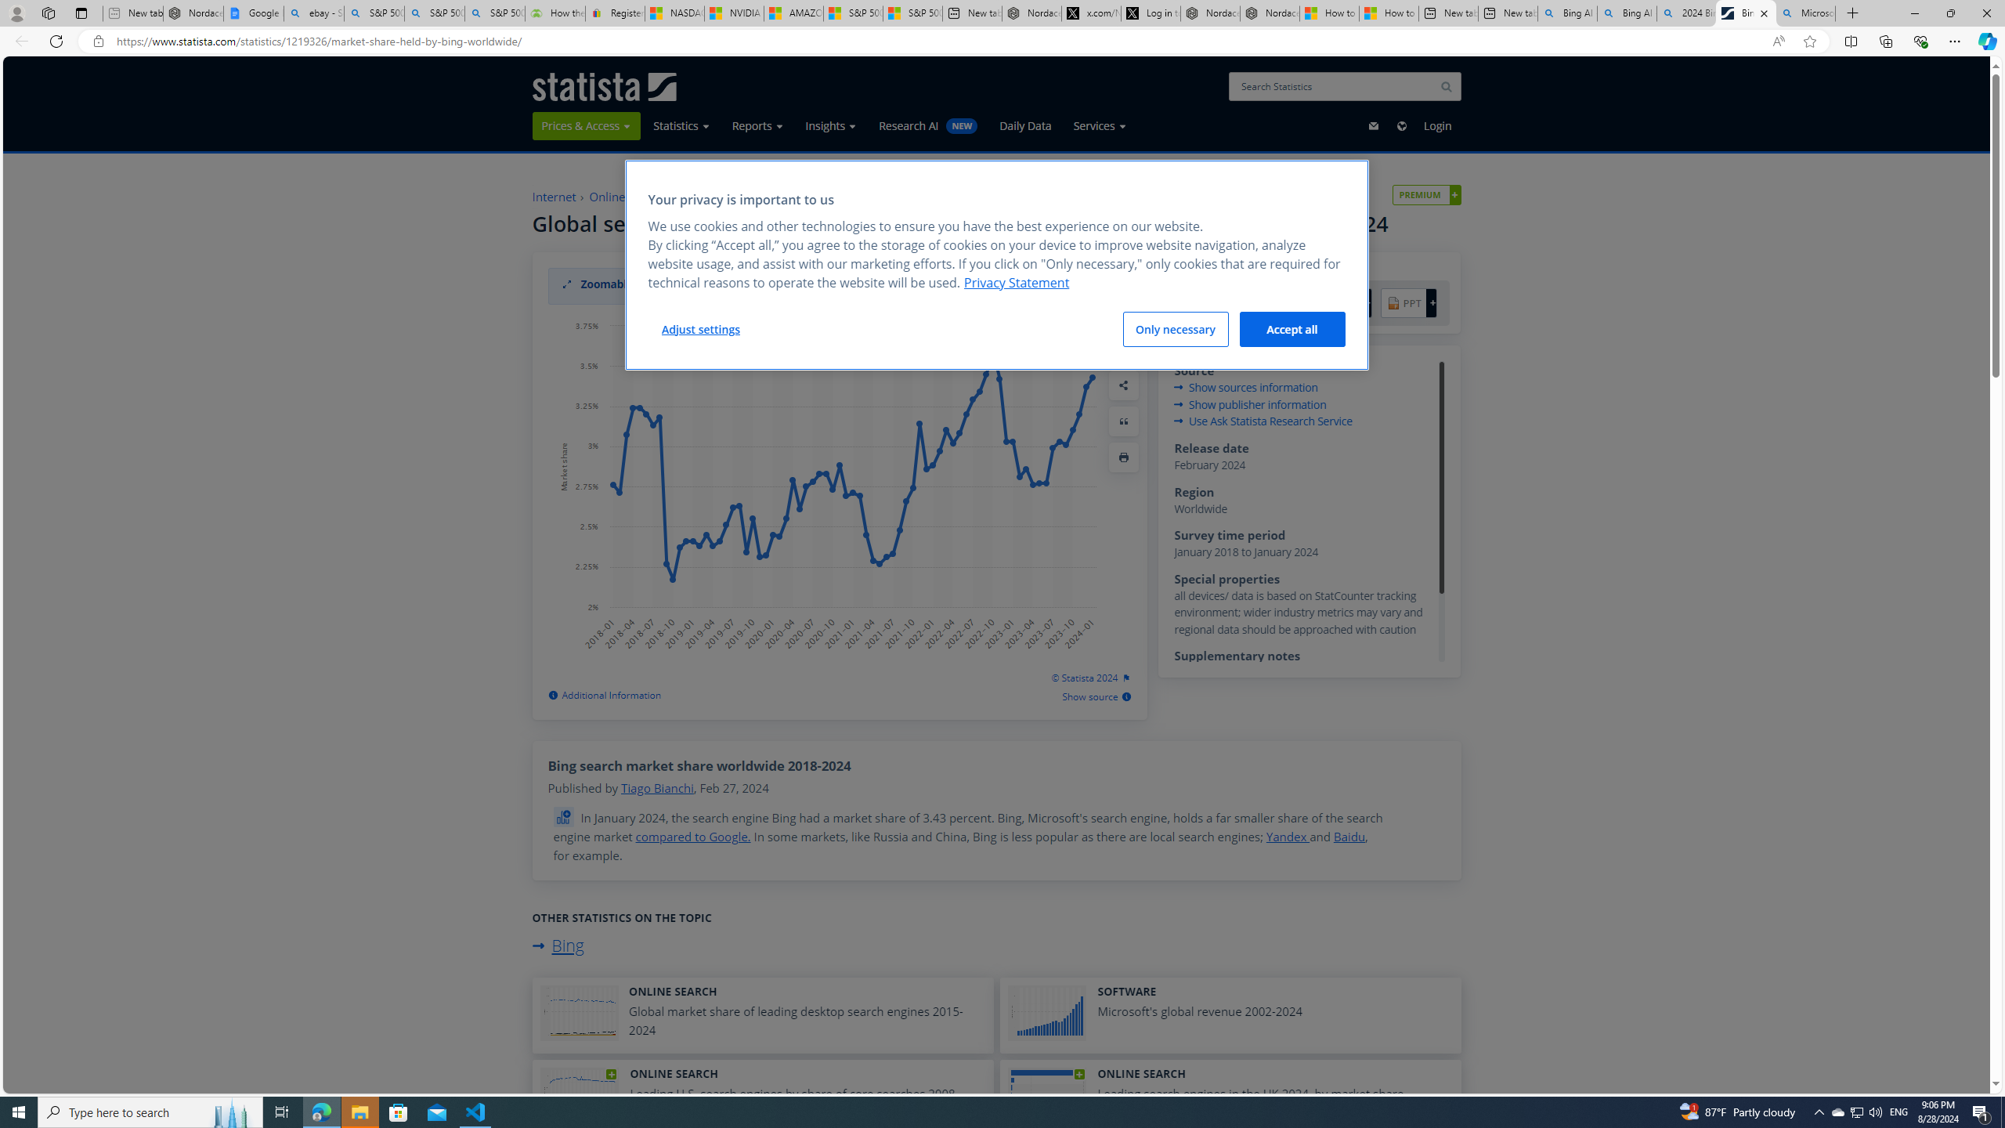 The width and height of the screenshot is (2005, 1128). I want to click on 'Microsoft Bing Timeline - Search', so click(1804, 13).